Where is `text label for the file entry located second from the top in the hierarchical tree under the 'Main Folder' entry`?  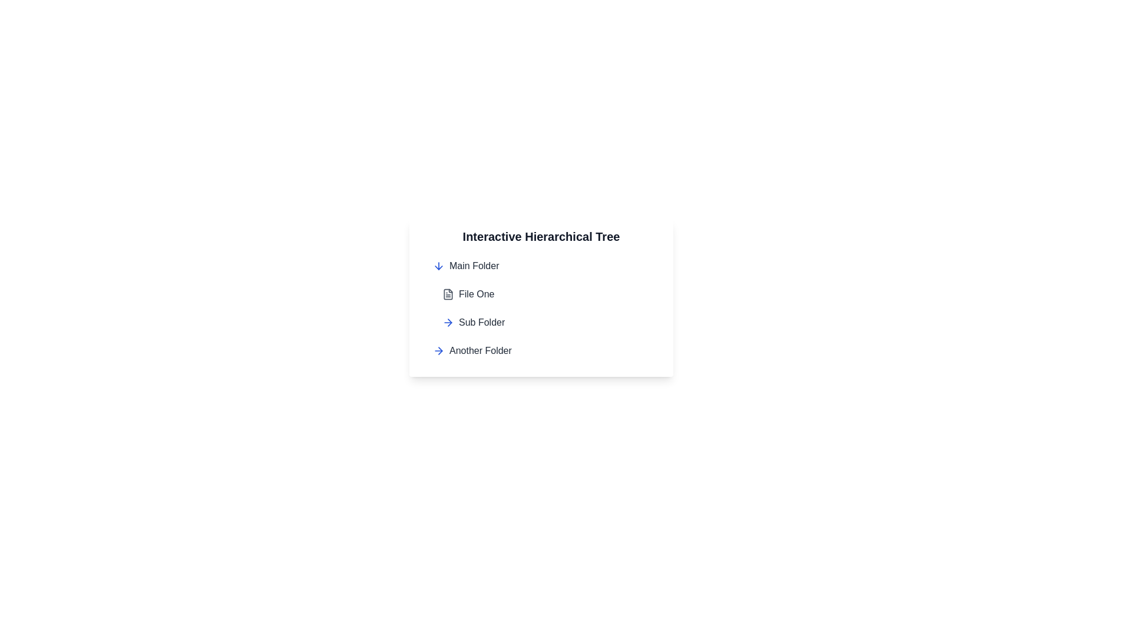
text label for the file entry located second from the top in the hierarchical tree under the 'Main Folder' entry is located at coordinates (477, 294).